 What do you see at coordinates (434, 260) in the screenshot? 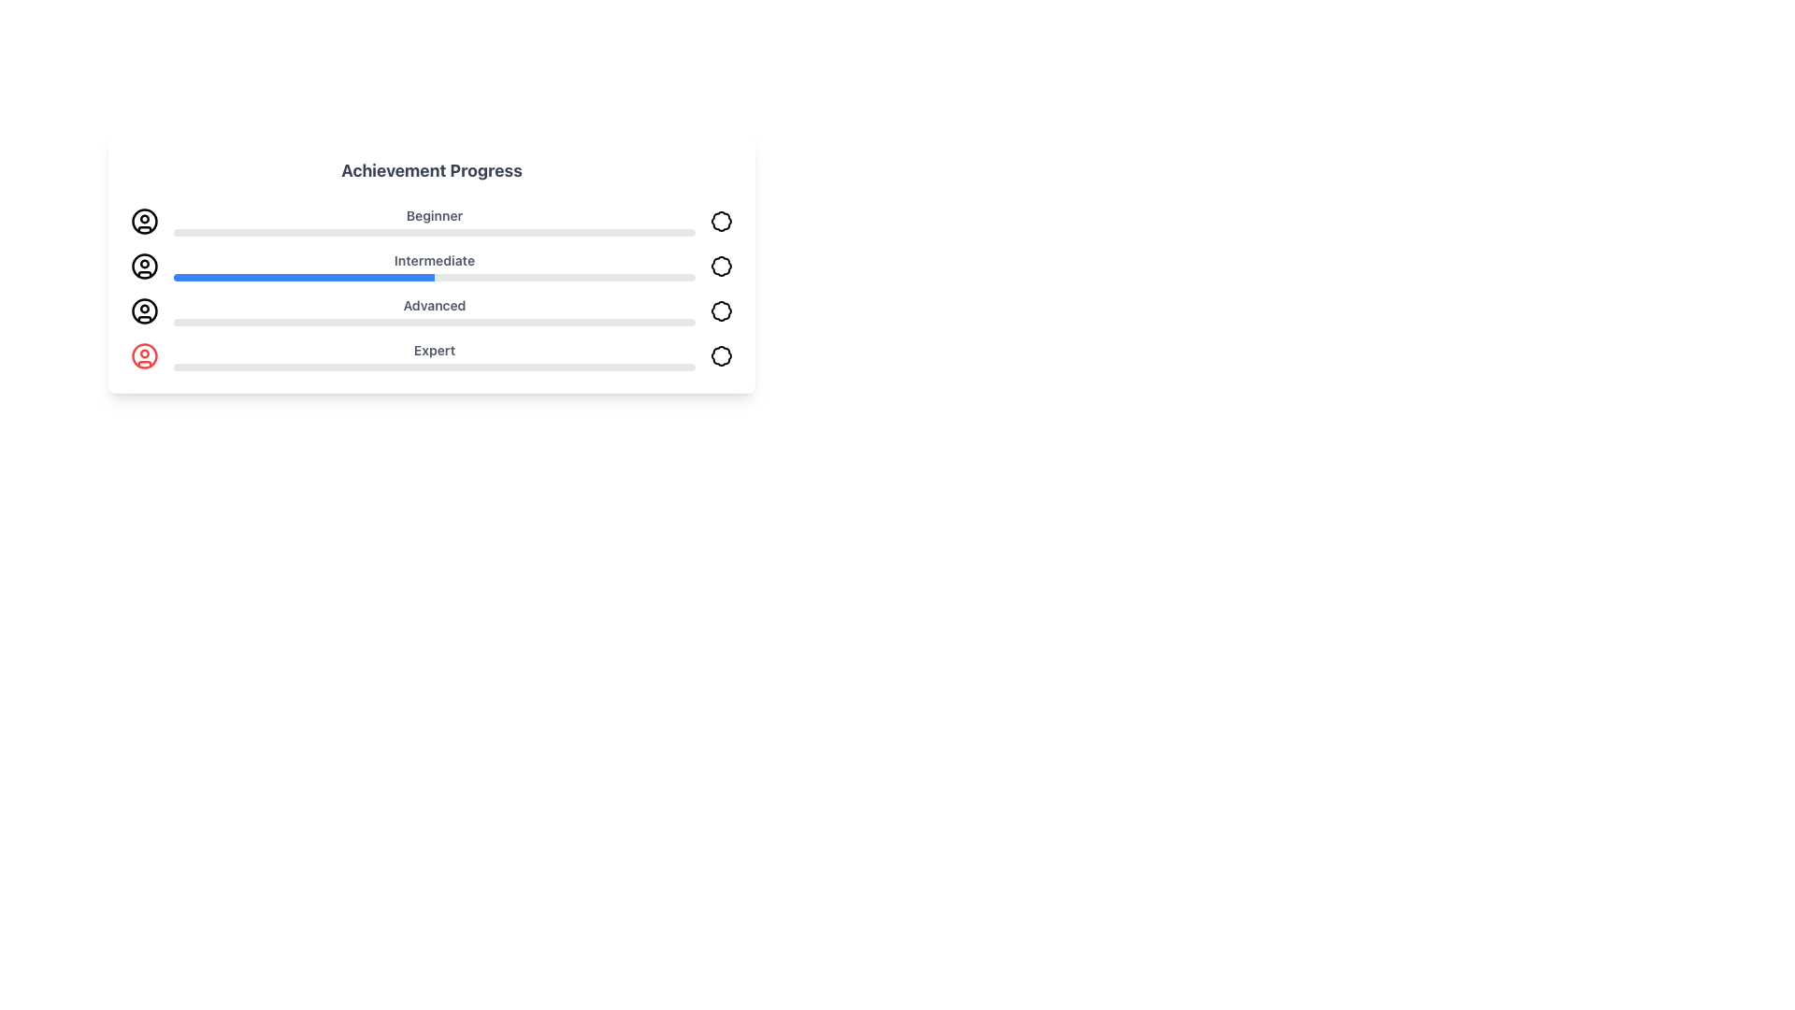
I see `the second text label indicating an achievement level, positioned between 'Beginner' and 'Advanced', with an icon on the left and a circular marker on the right` at bounding box center [434, 260].